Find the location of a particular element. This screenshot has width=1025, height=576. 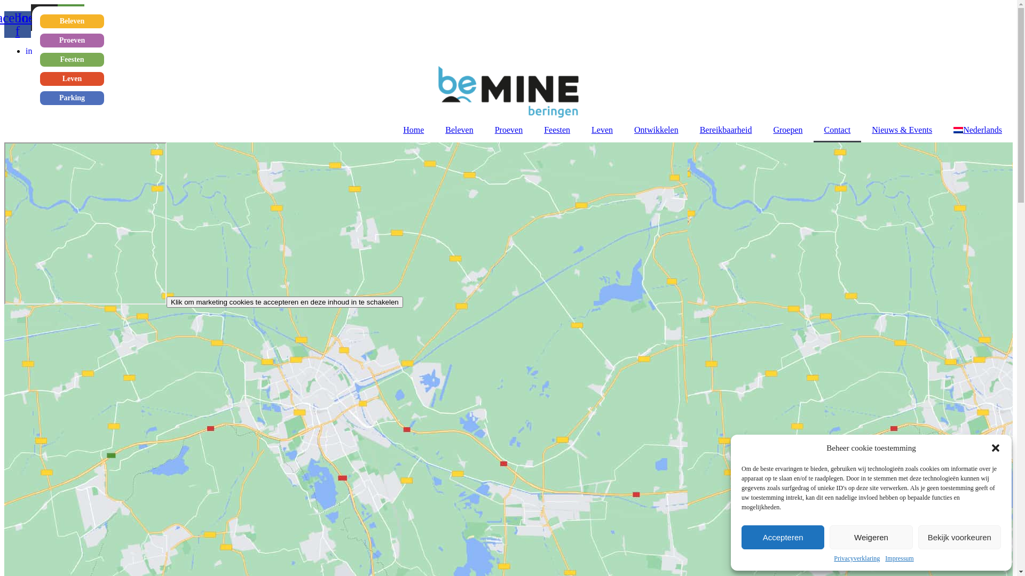

'Leven' is located at coordinates (71, 78).